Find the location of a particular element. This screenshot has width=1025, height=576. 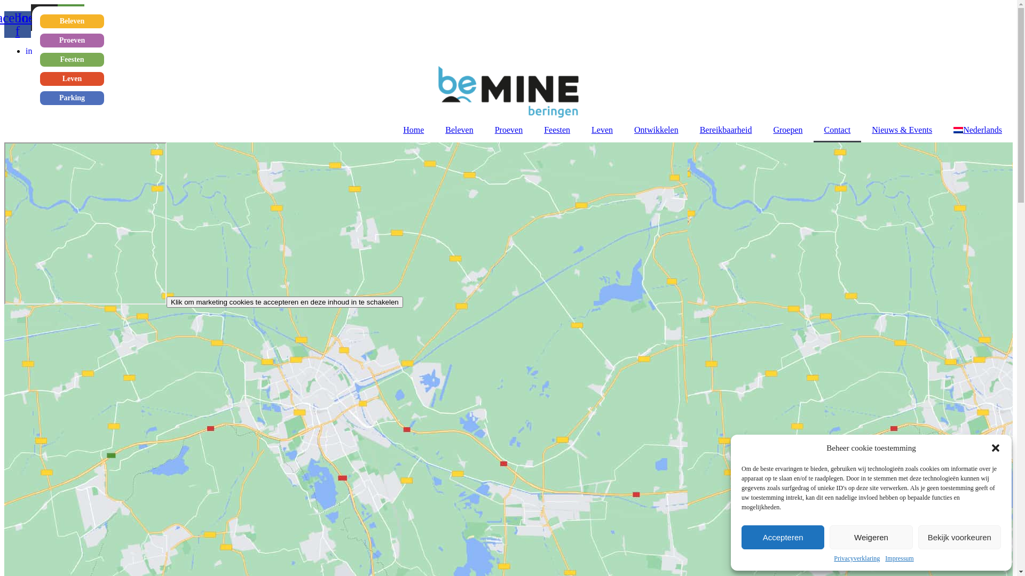

'Leven' is located at coordinates (71, 78).